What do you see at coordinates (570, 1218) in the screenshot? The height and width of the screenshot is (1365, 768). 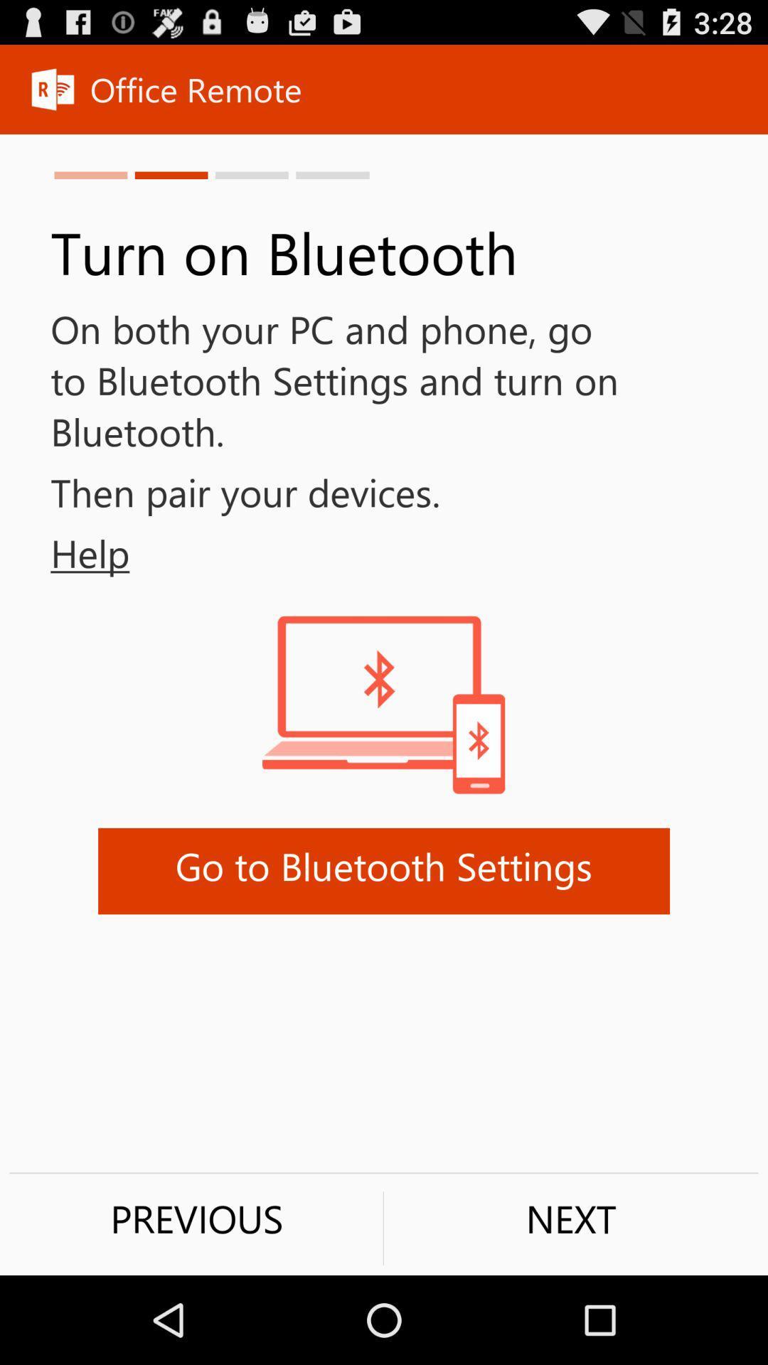 I see `item below the go to bluetooth icon` at bounding box center [570, 1218].